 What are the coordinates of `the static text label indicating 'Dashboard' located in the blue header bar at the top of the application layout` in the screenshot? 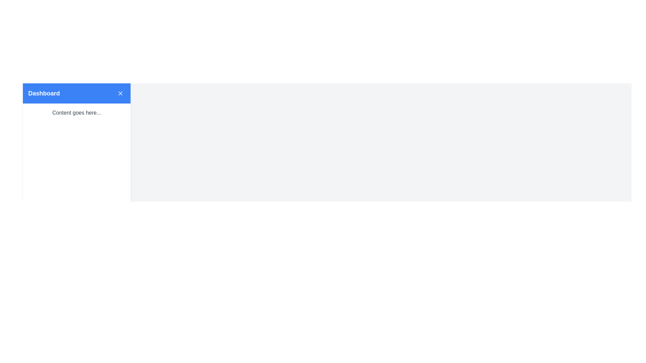 It's located at (43, 93).